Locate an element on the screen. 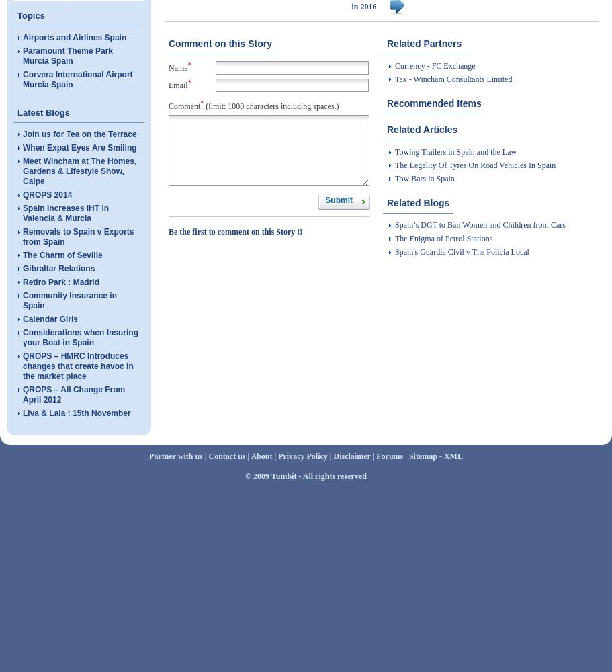 The height and width of the screenshot is (672, 612). 'About' is located at coordinates (260, 456).